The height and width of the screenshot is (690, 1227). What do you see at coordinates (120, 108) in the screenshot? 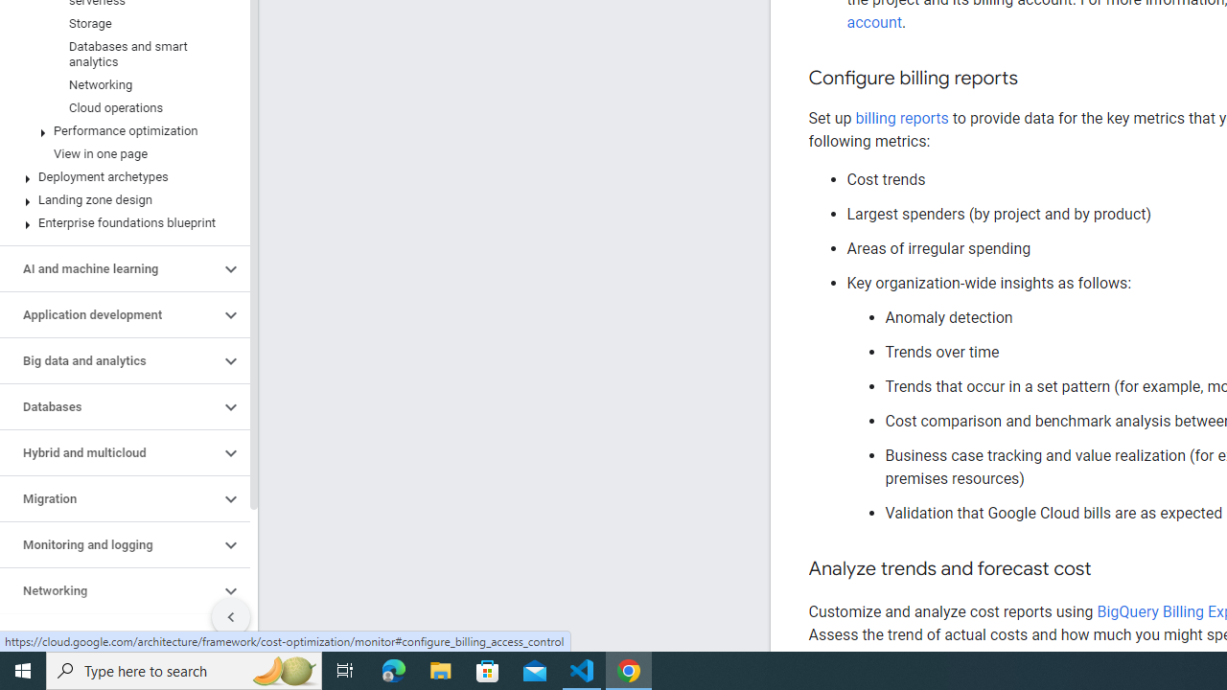
I see `'Cloud operations'` at bounding box center [120, 108].